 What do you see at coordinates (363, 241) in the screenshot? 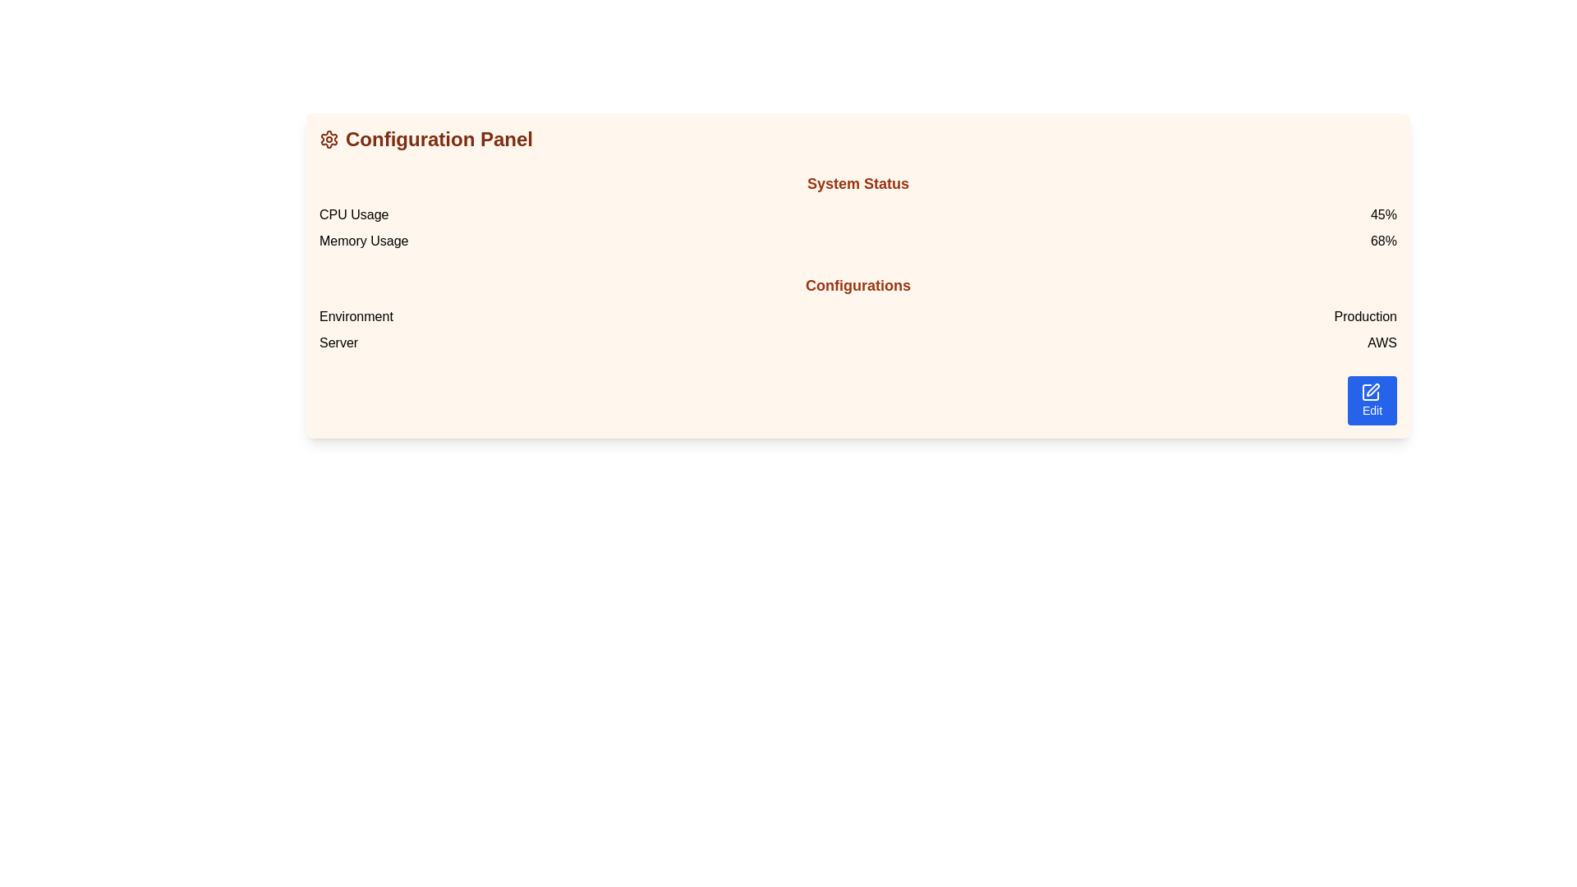
I see `the static text label displaying 'Memory Usage' in bold black font, located in the configuration panel, below 'CPU Usage'` at bounding box center [363, 241].